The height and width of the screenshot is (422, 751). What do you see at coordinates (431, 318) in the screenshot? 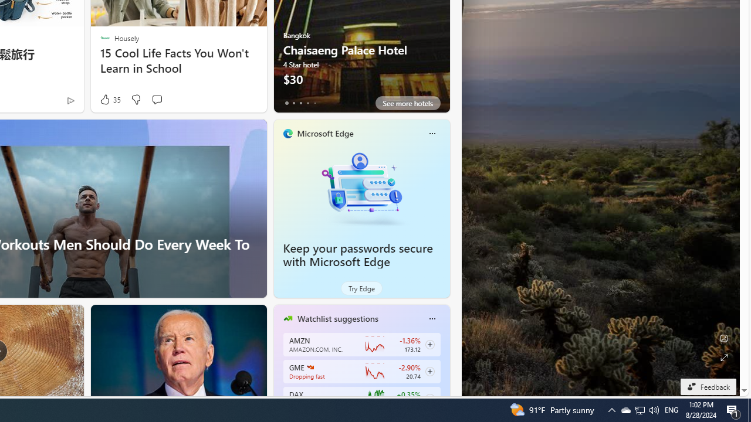
I see `'Class: icon-img'` at bounding box center [431, 318].